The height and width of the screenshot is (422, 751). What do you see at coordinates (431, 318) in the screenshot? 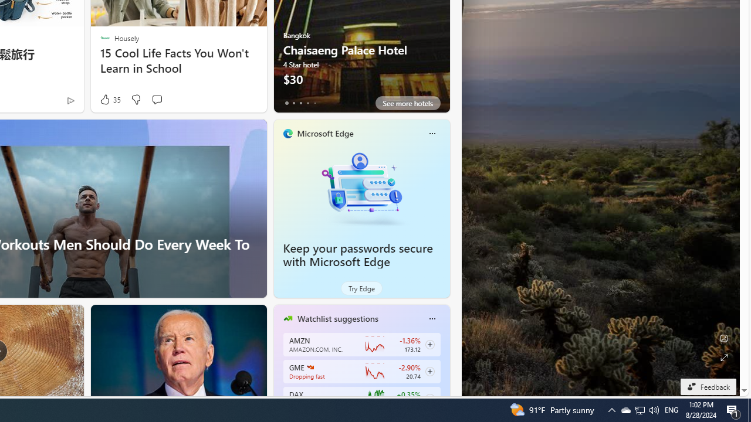
I see `'Class: icon-img'` at bounding box center [431, 318].